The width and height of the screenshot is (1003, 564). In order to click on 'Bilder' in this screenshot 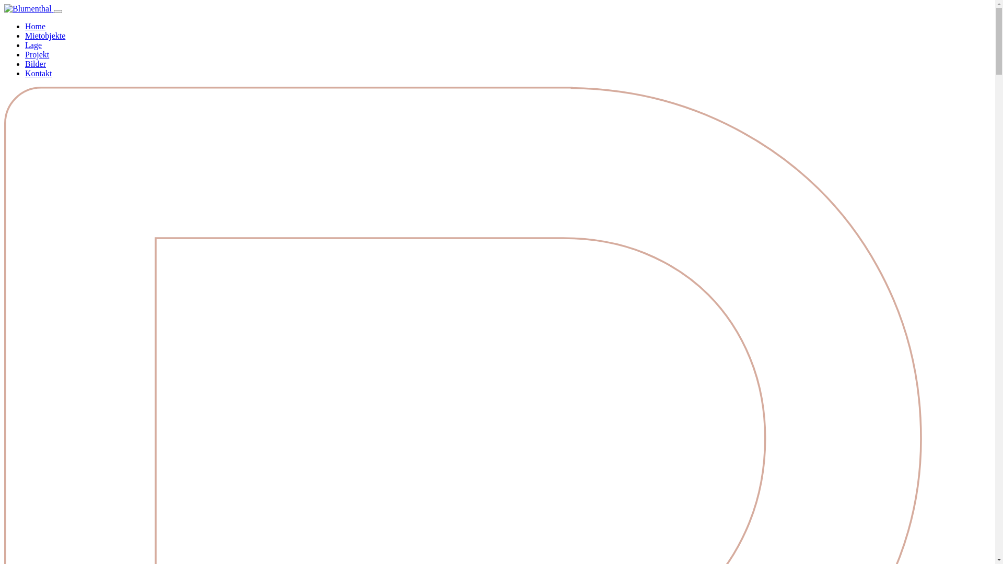, I will do `click(35, 64)`.